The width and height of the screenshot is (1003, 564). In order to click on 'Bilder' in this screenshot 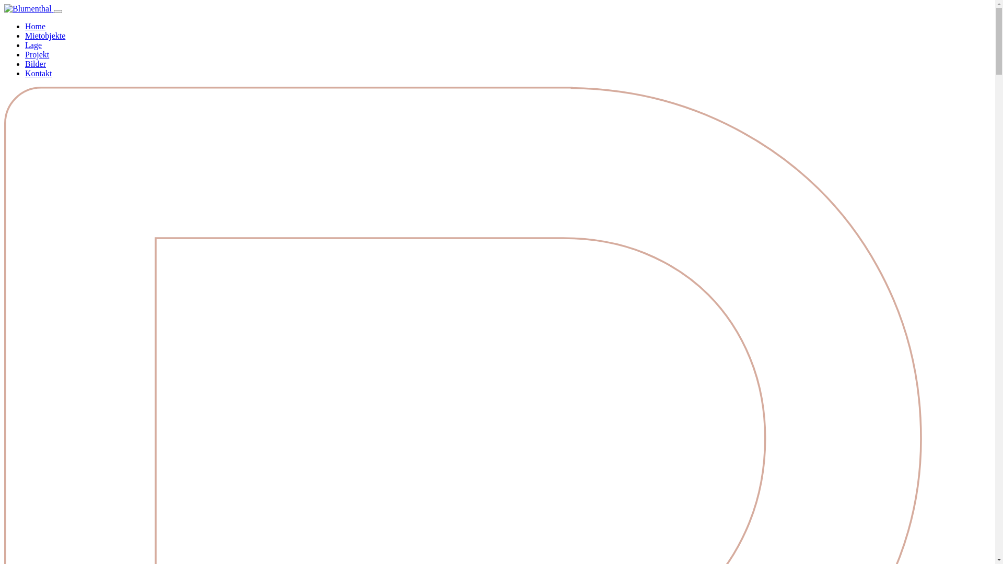, I will do `click(35, 64)`.